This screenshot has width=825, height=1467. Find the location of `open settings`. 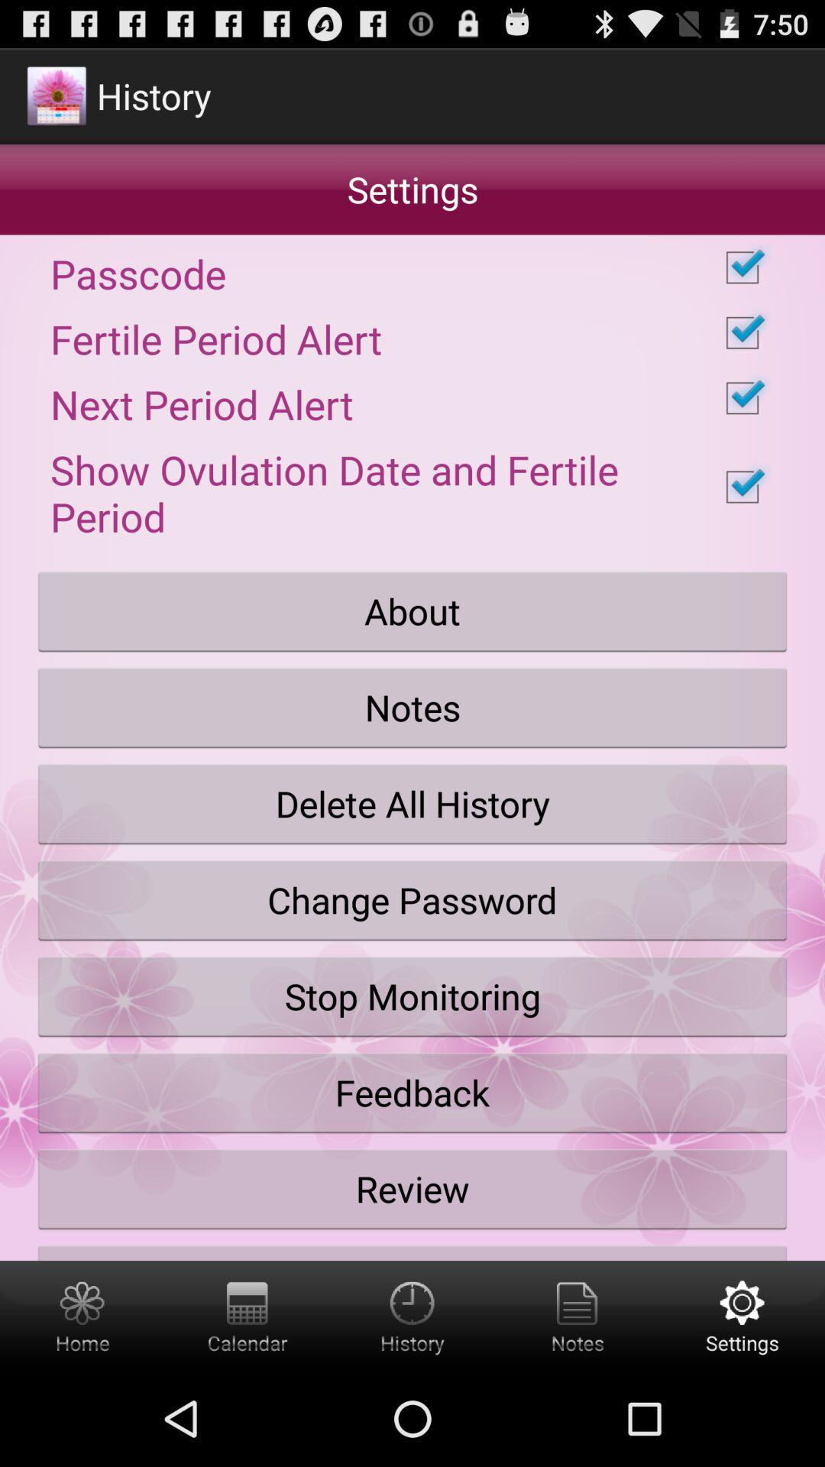

open settings is located at coordinates (742, 1315).